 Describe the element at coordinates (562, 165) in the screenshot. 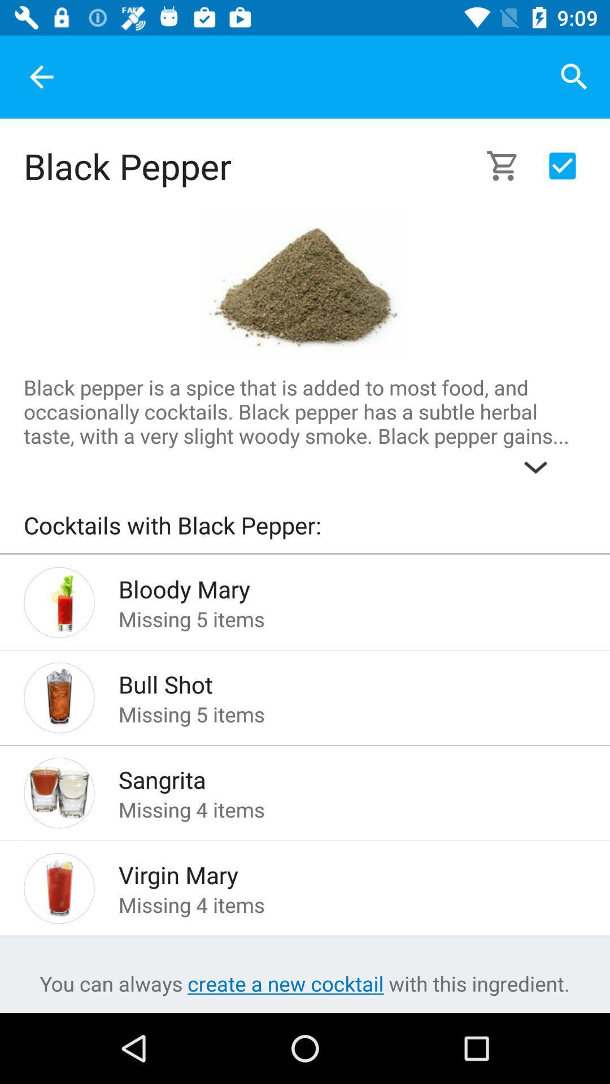

I see `the send button` at that location.